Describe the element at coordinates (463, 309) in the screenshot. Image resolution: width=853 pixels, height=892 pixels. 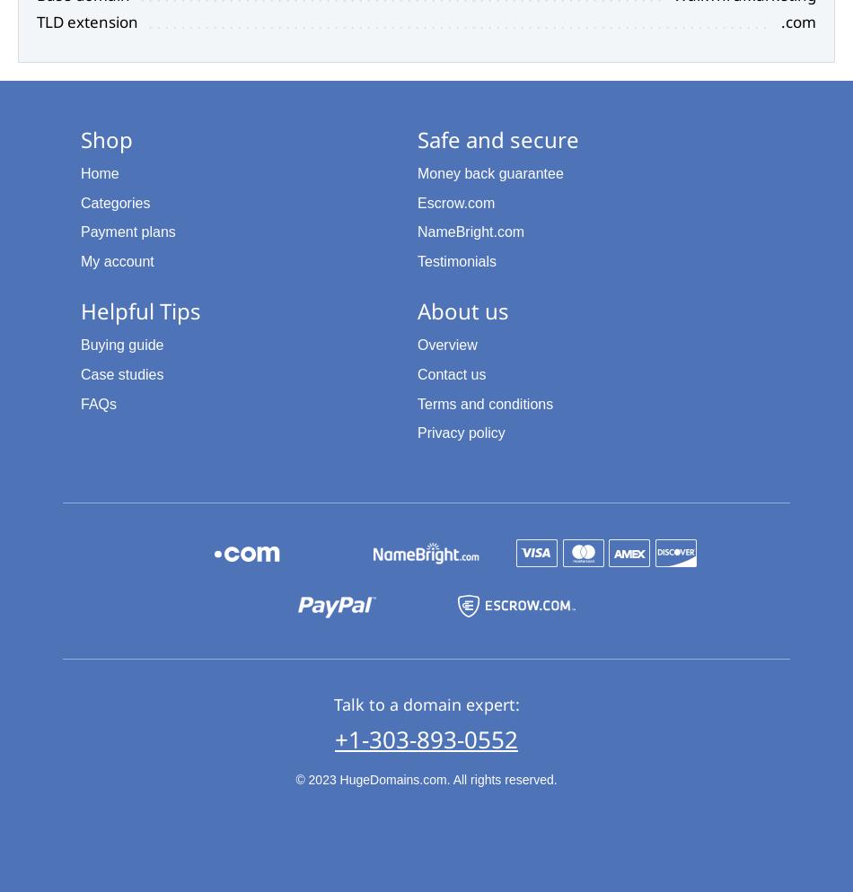
I see `'About us'` at that location.